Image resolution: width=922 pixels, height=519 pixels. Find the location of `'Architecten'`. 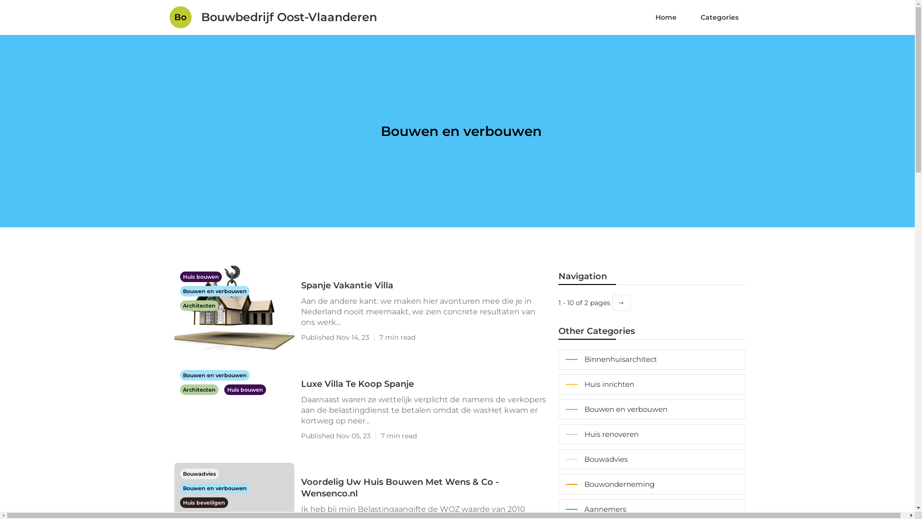

'Architecten' is located at coordinates (198, 305).